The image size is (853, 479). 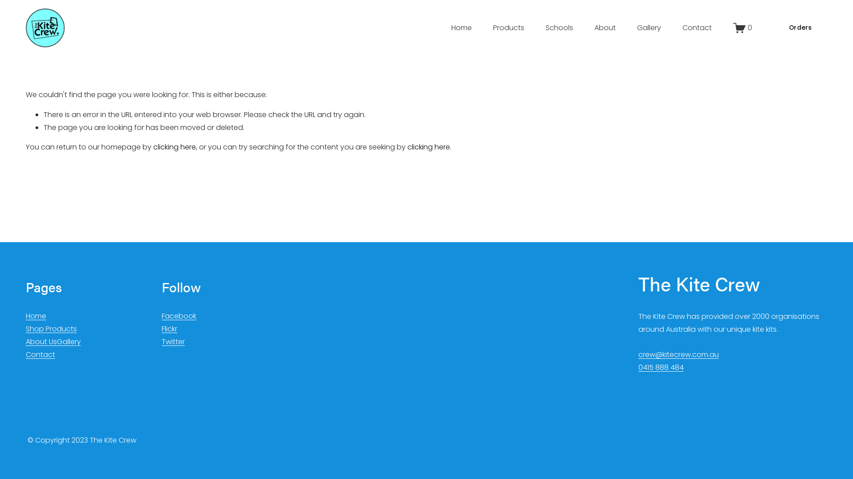 I want to click on 'Schools', so click(x=558, y=27).